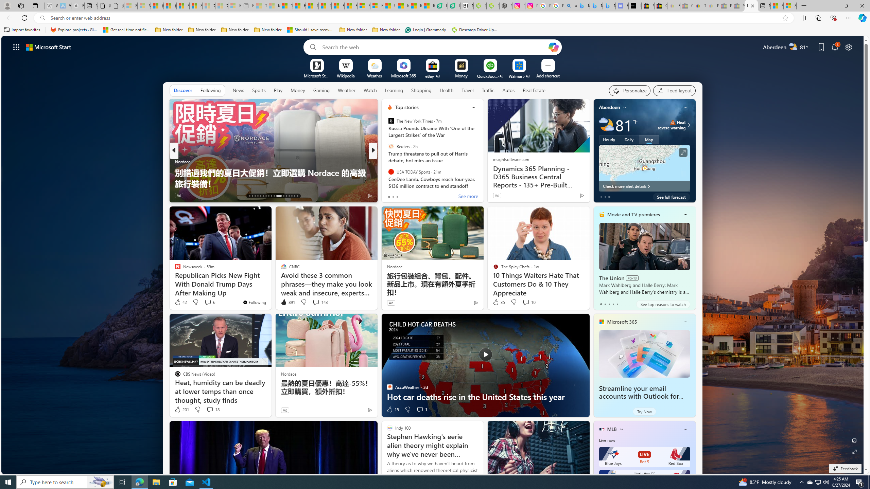  What do you see at coordinates (274, 196) in the screenshot?
I see `'AutomationID: tab-22'` at bounding box center [274, 196].